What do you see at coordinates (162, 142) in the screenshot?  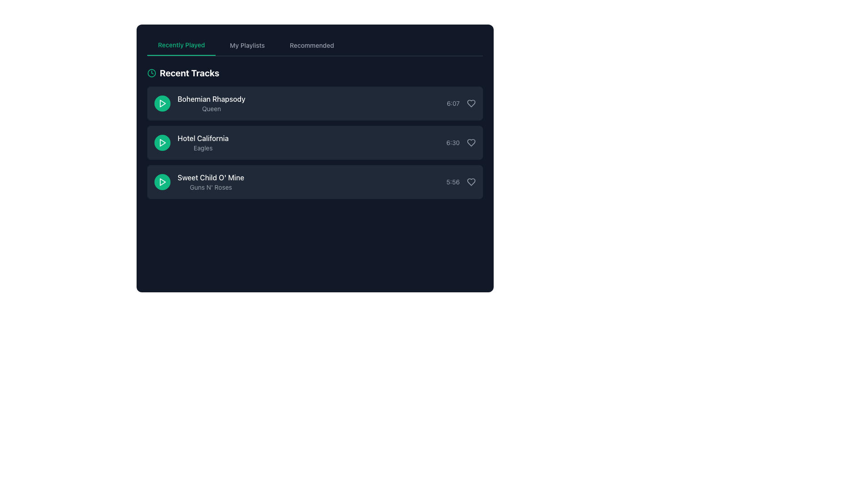 I see `the interactive play button icon located in the left-most section of the 'Hotel California' item in the 'Recent Tracks' list` at bounding box center [162, 142].